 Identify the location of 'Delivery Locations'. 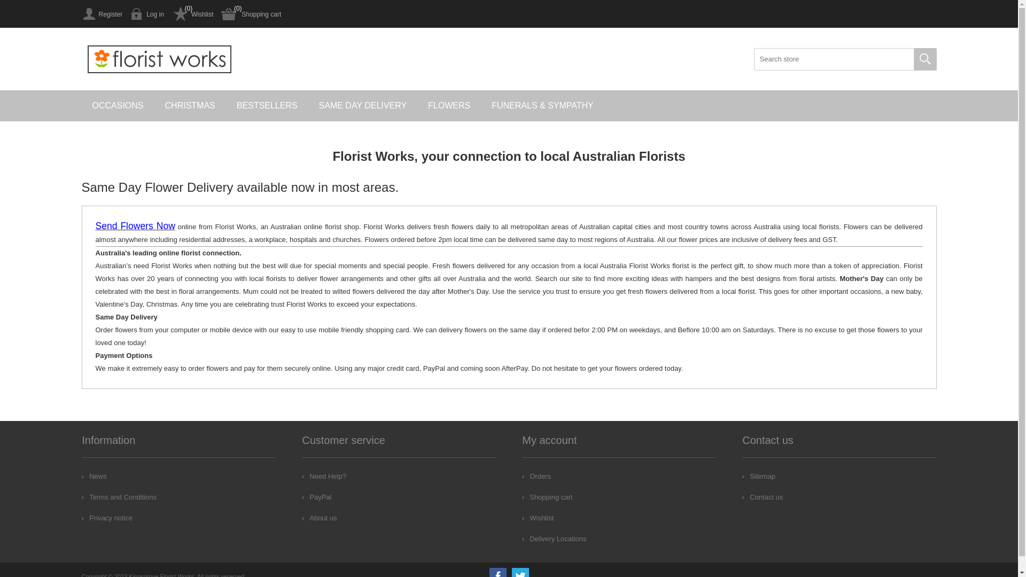
(554, 539).